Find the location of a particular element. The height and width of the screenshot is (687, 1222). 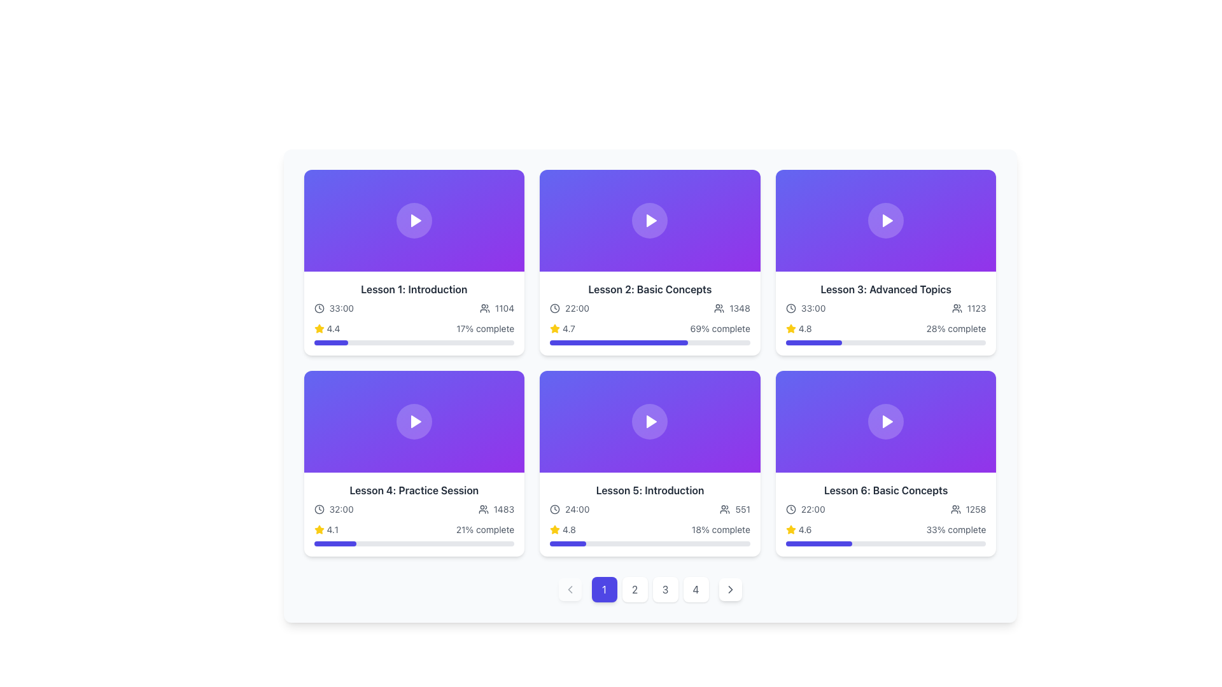

the play button located centrally within the card for 'Lesson 3: Advanced Topics' is located at coordinates (885, 220).